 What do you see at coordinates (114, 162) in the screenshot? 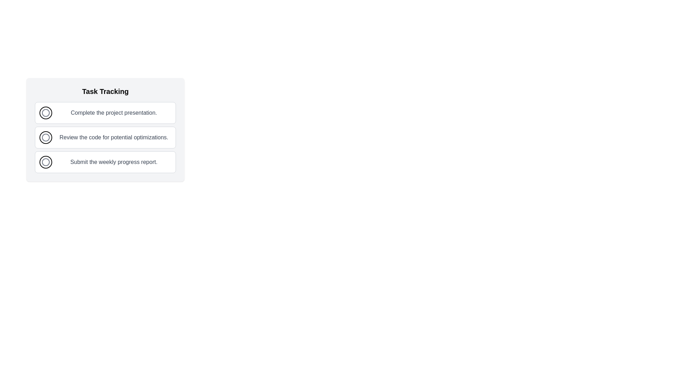
I see `text label for the third task in the vertical list, which is positioned in a white rectangular section with a checkbox icon to the left` at bounding box center [114, 162].